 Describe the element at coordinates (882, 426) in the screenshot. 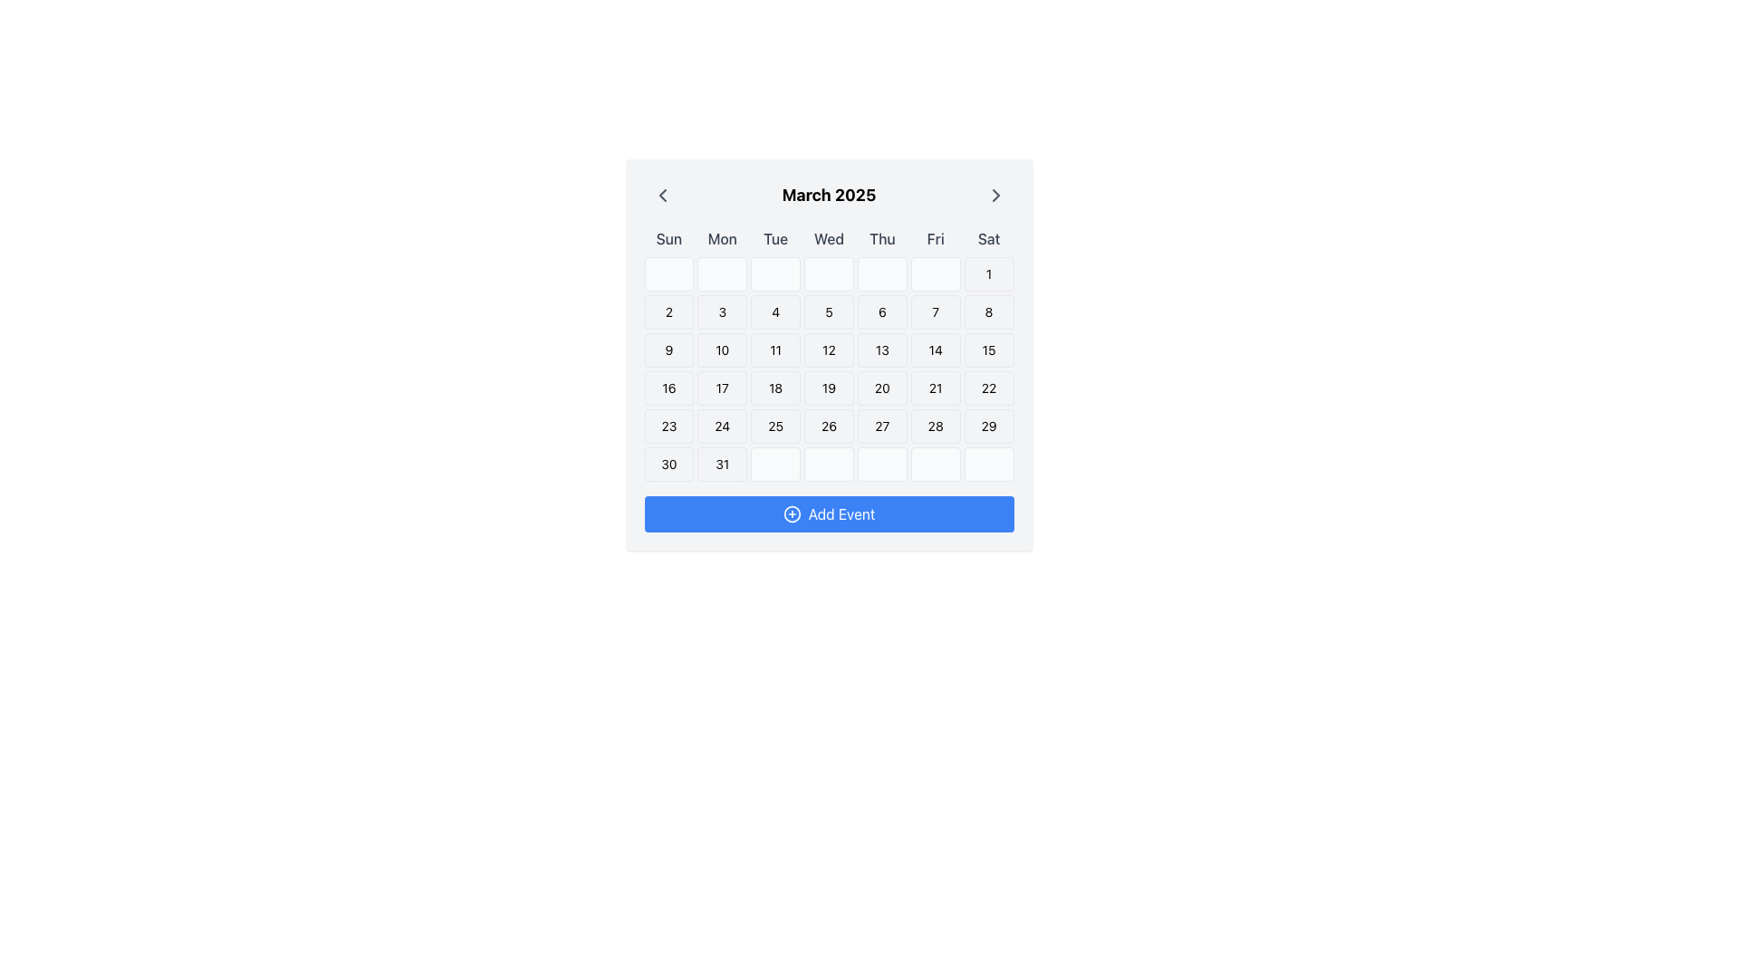

I see `the clickable calendar day entry representing the date '27'` at that location.